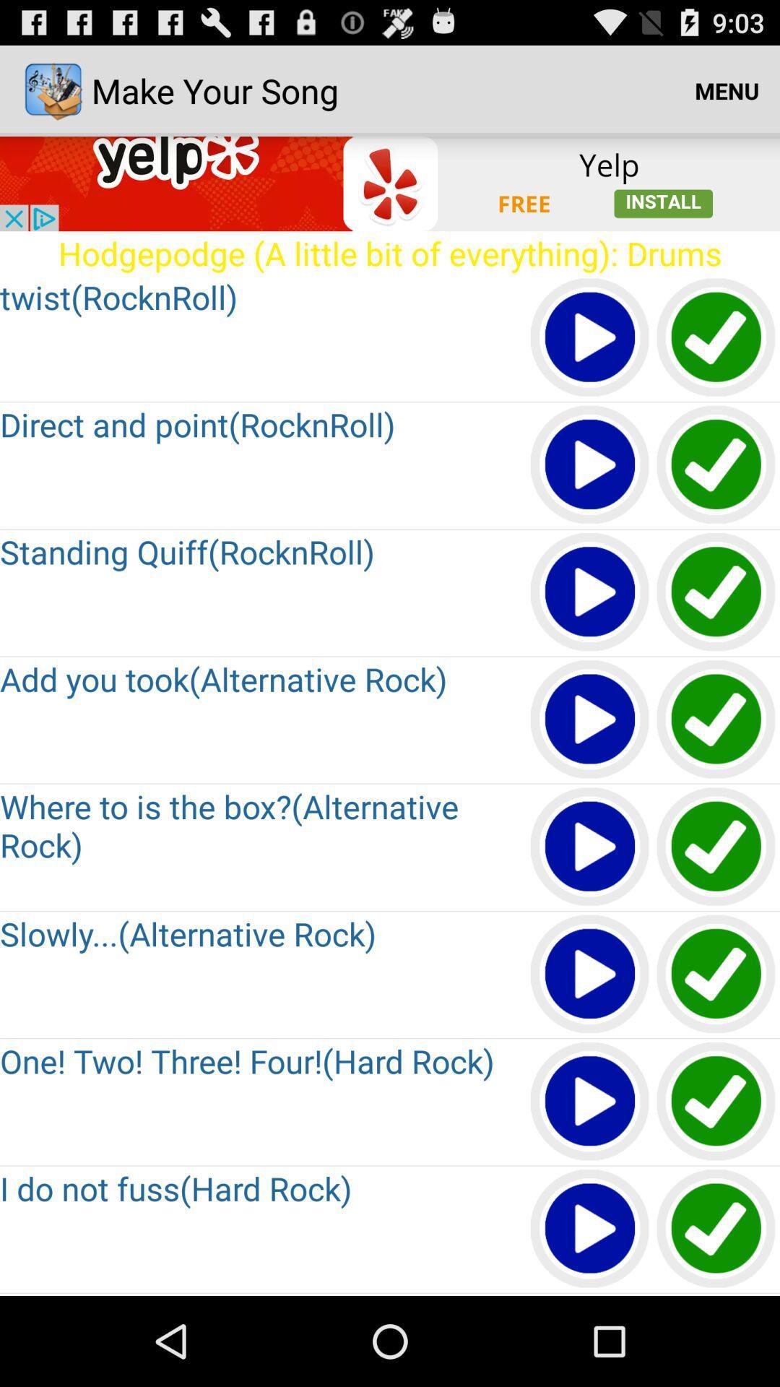 The image size is (780, 1387). I want to click on song, so click(590, 592).